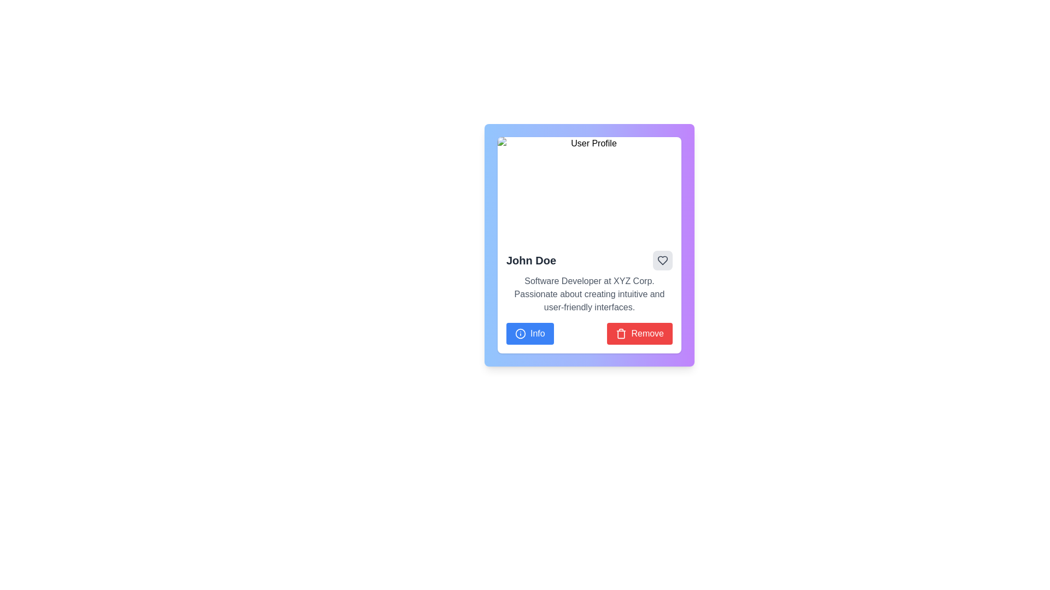 Image resolution: width=1050 pixels, height=590 pixels. I want to click on the heart icon in the top-right corner of John Doe's profile card, so click(662, 261).